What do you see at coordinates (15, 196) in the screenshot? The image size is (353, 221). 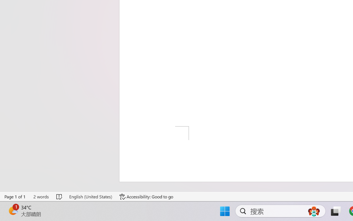 I see `'Page Number Page 1 of 1'` at bounding box center [15, 196].